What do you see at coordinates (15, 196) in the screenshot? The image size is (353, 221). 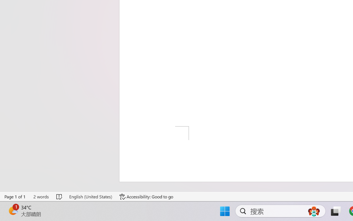 I see `'Page Number Page 1 of 1'` at bounding box center [15, 196].